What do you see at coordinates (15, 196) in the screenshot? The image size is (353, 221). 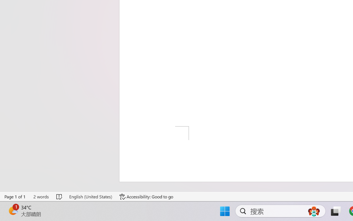 I see `'Page Number Page 1 of 1'` at bounding box center [15, 196].